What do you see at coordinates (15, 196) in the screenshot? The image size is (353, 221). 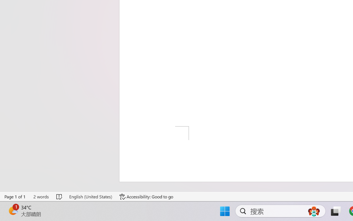 I see `'Page Number Page 1 of 1'` at bounding box center [15, 196].